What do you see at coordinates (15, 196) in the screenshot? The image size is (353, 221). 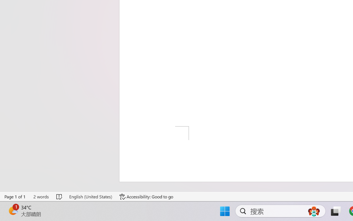 I see `'Page Number Page 1 of 1'` at bounding box center [15, 196].